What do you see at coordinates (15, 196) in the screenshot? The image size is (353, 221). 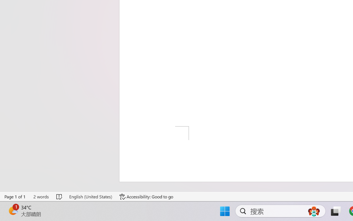 I see `'Page Number Page 1 of 1'` at bounding box center [15, 196].